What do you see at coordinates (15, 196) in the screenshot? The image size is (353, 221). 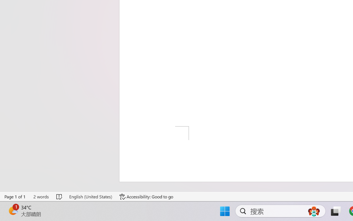 I see `'Page Number Page 1 of 1'` at bounding box center [15, 196].